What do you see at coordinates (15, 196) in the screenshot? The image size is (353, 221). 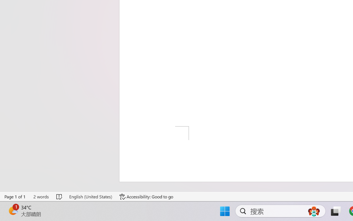 I see `'Page Number Page 1 of 1'` at bounding box center [15, 196].